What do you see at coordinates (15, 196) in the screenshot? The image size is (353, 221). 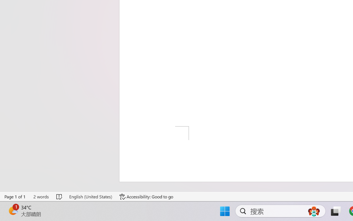 I see `'Page Number Page 1 of 1'` at bounding box center [15, 196].